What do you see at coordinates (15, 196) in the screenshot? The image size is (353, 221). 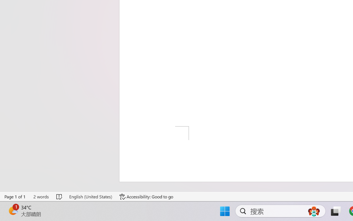 I see `'Page Number Page 1 of 1'` at bounding box center [15, 196].